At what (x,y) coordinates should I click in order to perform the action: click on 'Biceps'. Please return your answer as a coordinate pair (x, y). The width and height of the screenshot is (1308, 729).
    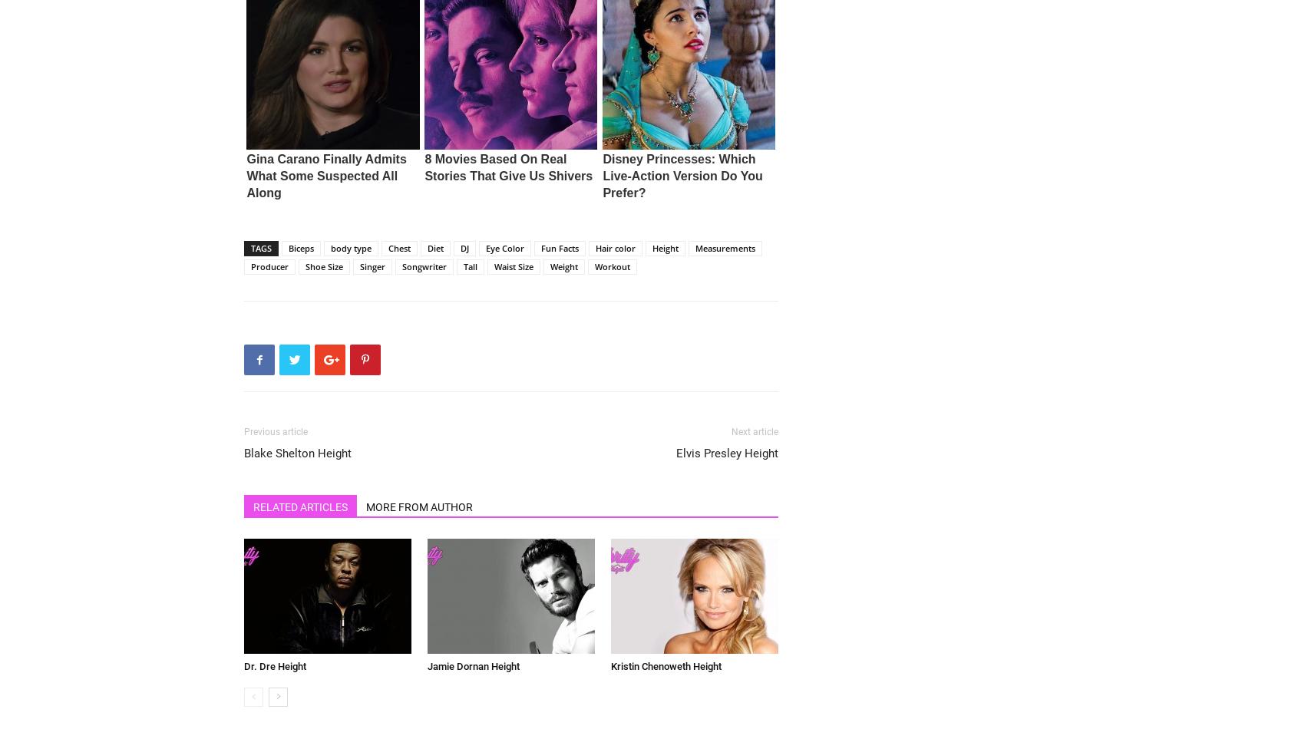
    Looking at the image, I should click on (300, 247).